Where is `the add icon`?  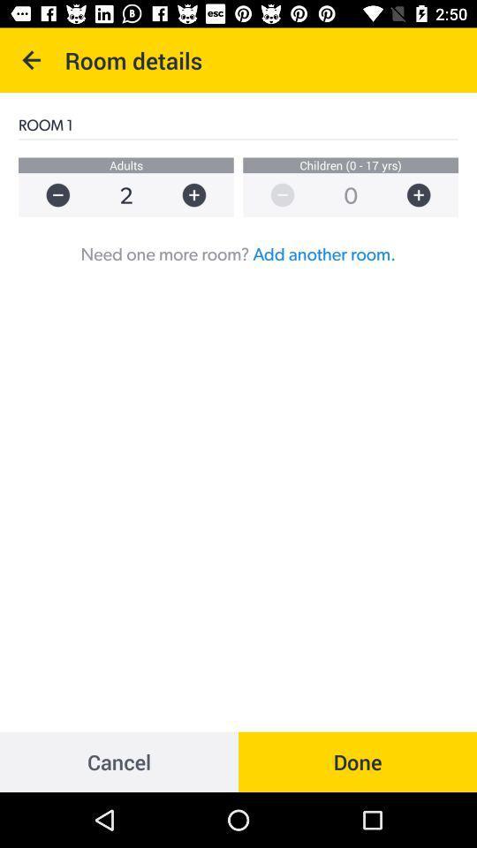 the add icon is located at coordinates (427, 195).